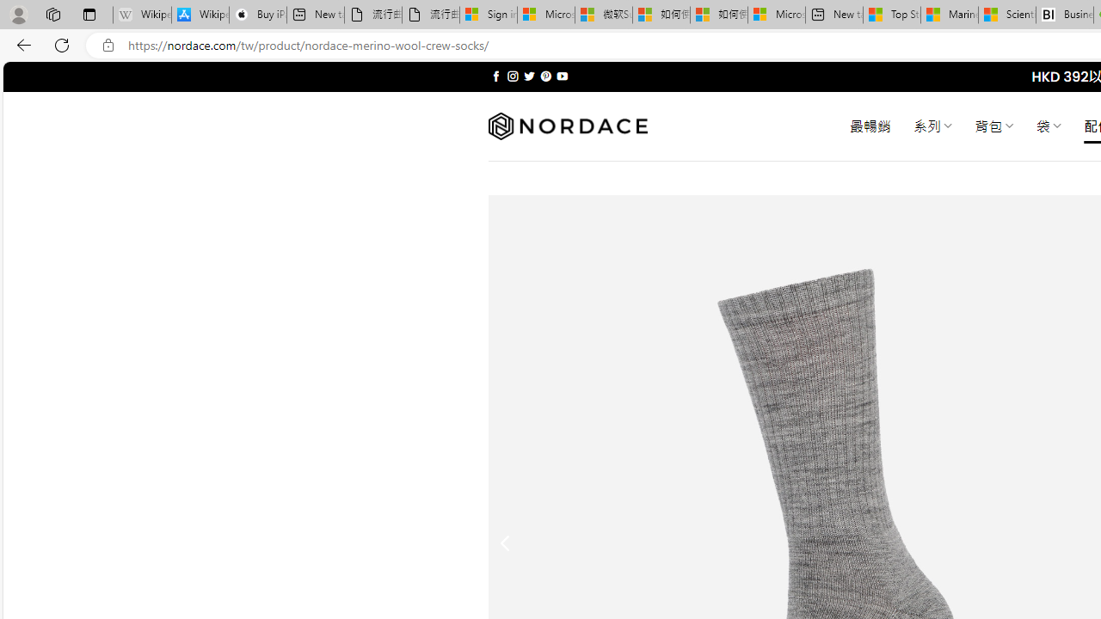  What do you see at coordinates (544, 76) in the screenshot?
I see `'Follow on Pinterest'` at bounding box center [544, 76].